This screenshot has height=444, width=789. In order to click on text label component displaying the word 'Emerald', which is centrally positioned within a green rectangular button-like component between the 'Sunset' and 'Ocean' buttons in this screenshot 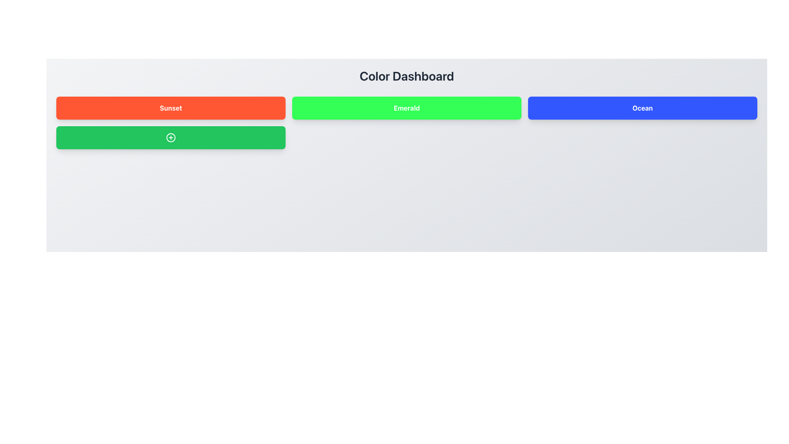, I will do `click(406, 107)`.